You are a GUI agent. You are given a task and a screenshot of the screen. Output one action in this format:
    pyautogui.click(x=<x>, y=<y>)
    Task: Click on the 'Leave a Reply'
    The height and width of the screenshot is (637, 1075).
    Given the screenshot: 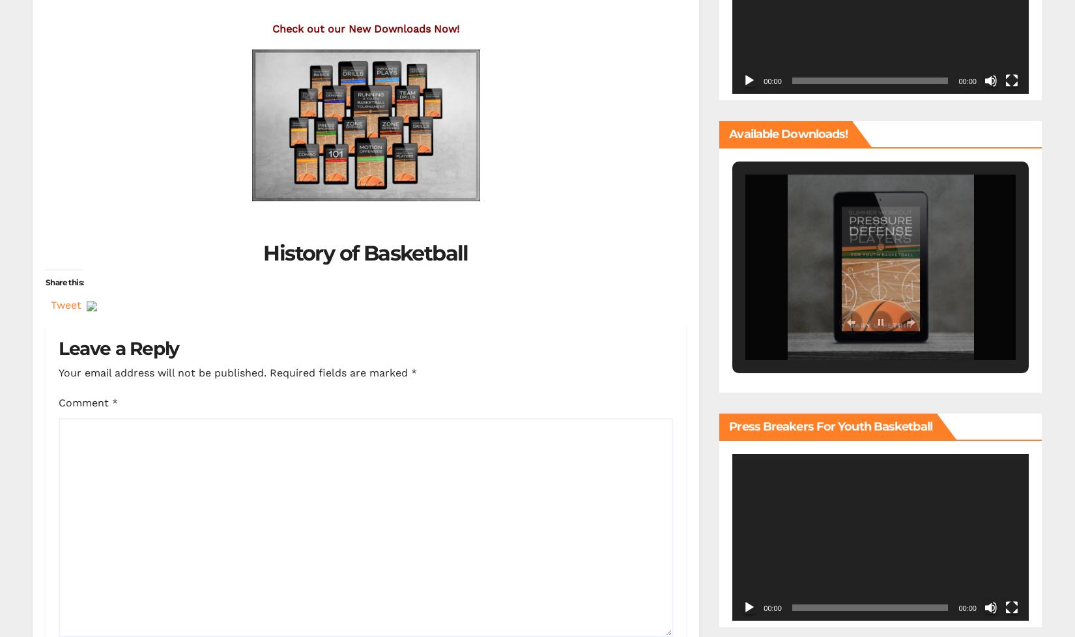 What is the action you would take?
    pyautogui.click(x=118, y=347)
    